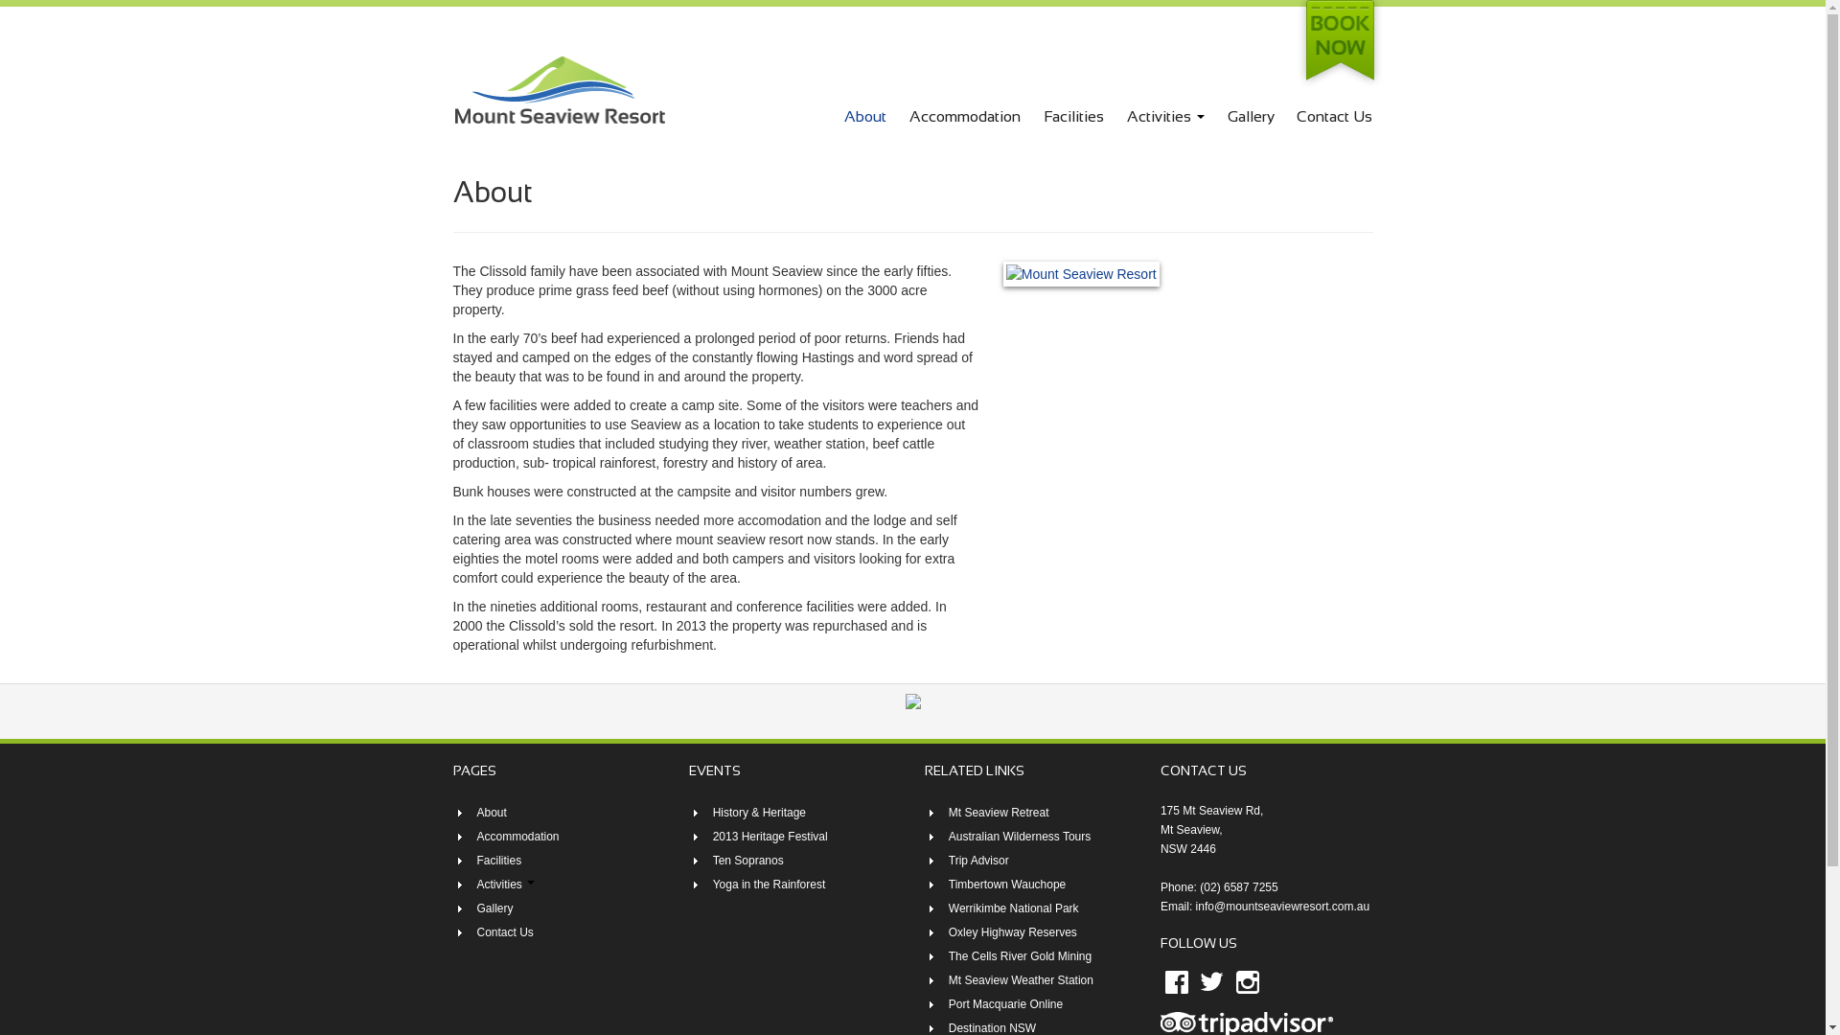 The width and height of the screenshot is (1840, 1035). I want to click on 'Yoga in the Rainforest', so click(769, 884).